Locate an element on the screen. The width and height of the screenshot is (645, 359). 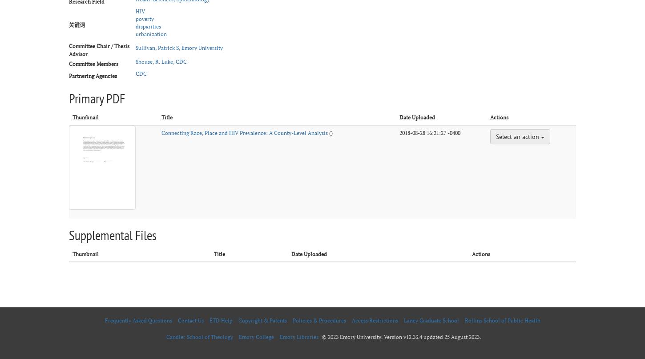
'Primary PDF' is located at coordinates (96, 97).